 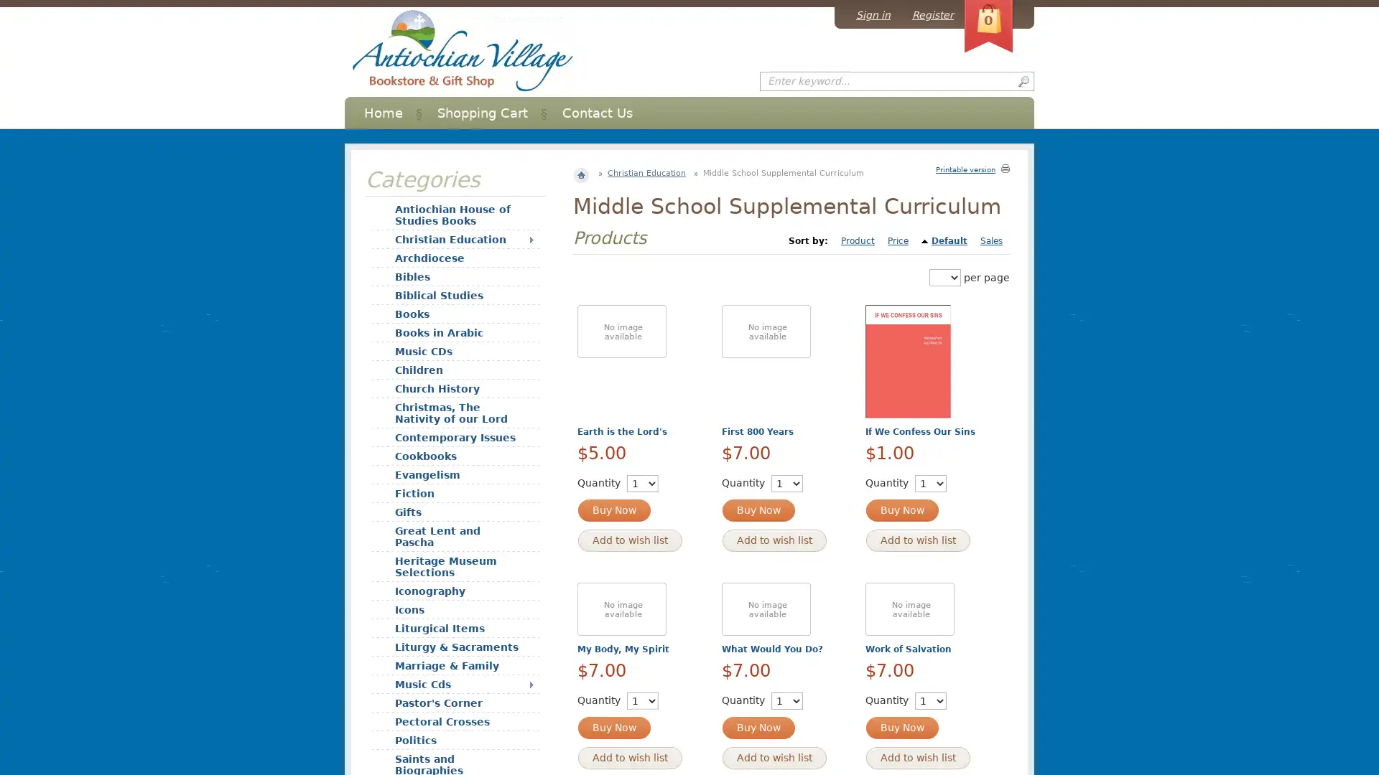 I want to click on Buy Now, so click(x=757, y=728).